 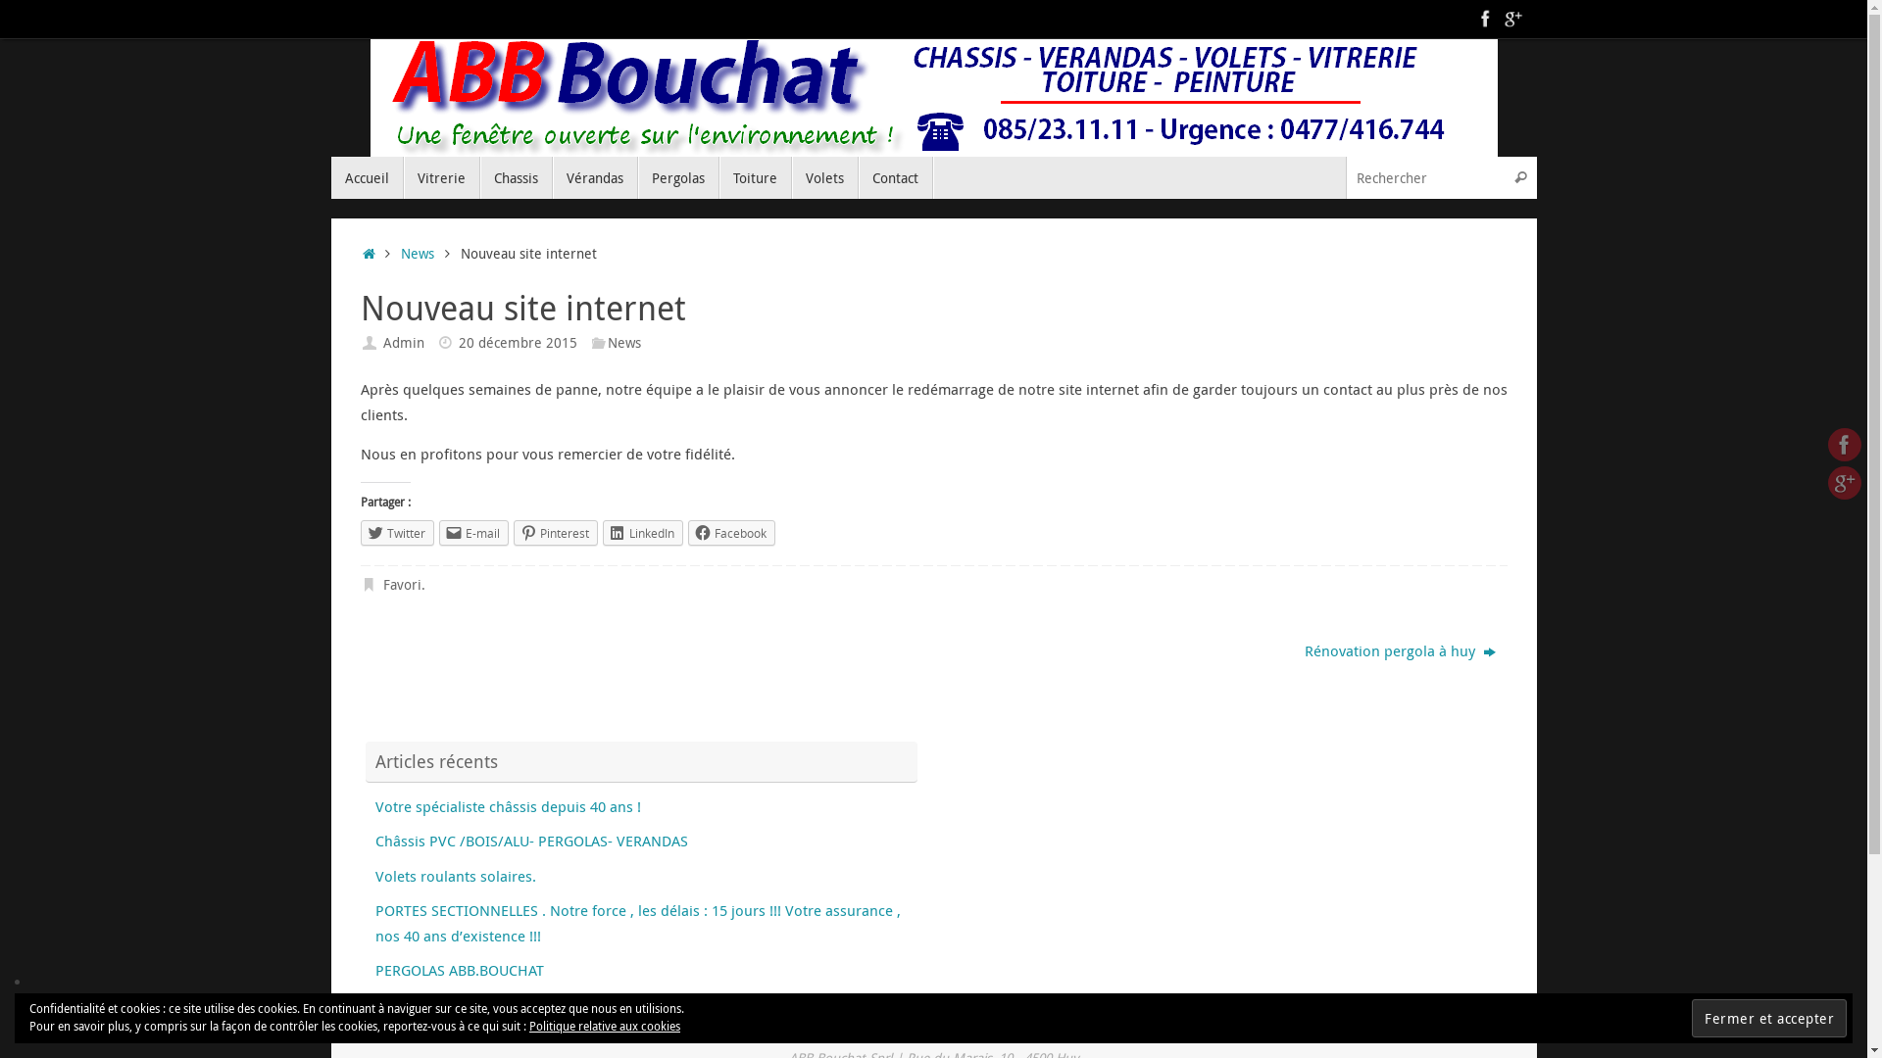 I want to click on 'Pergolas', so click(x=677, y=177).